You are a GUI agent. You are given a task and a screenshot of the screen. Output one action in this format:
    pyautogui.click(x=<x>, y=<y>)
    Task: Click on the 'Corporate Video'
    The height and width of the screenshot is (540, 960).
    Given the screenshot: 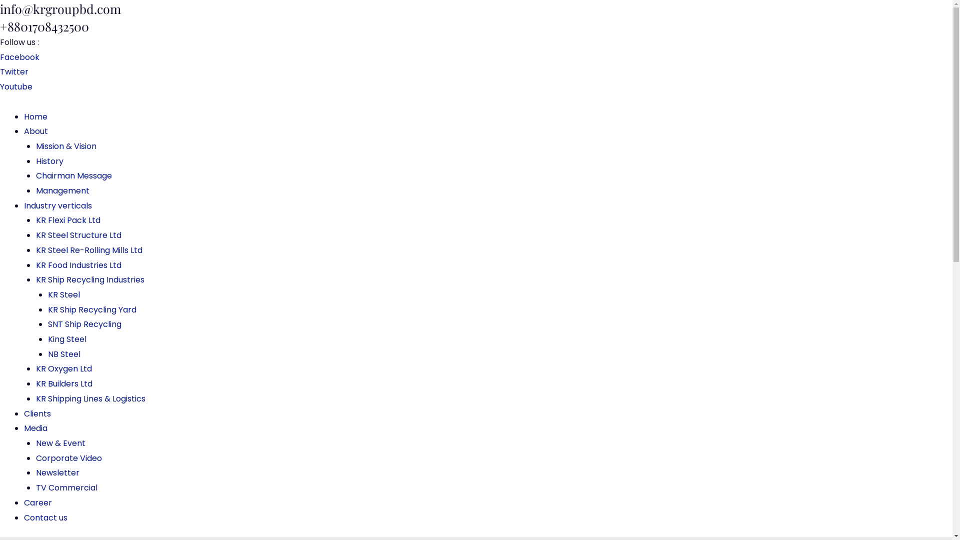 What is the action you would take?
    pyautogui.click(x=68, y=458)
    